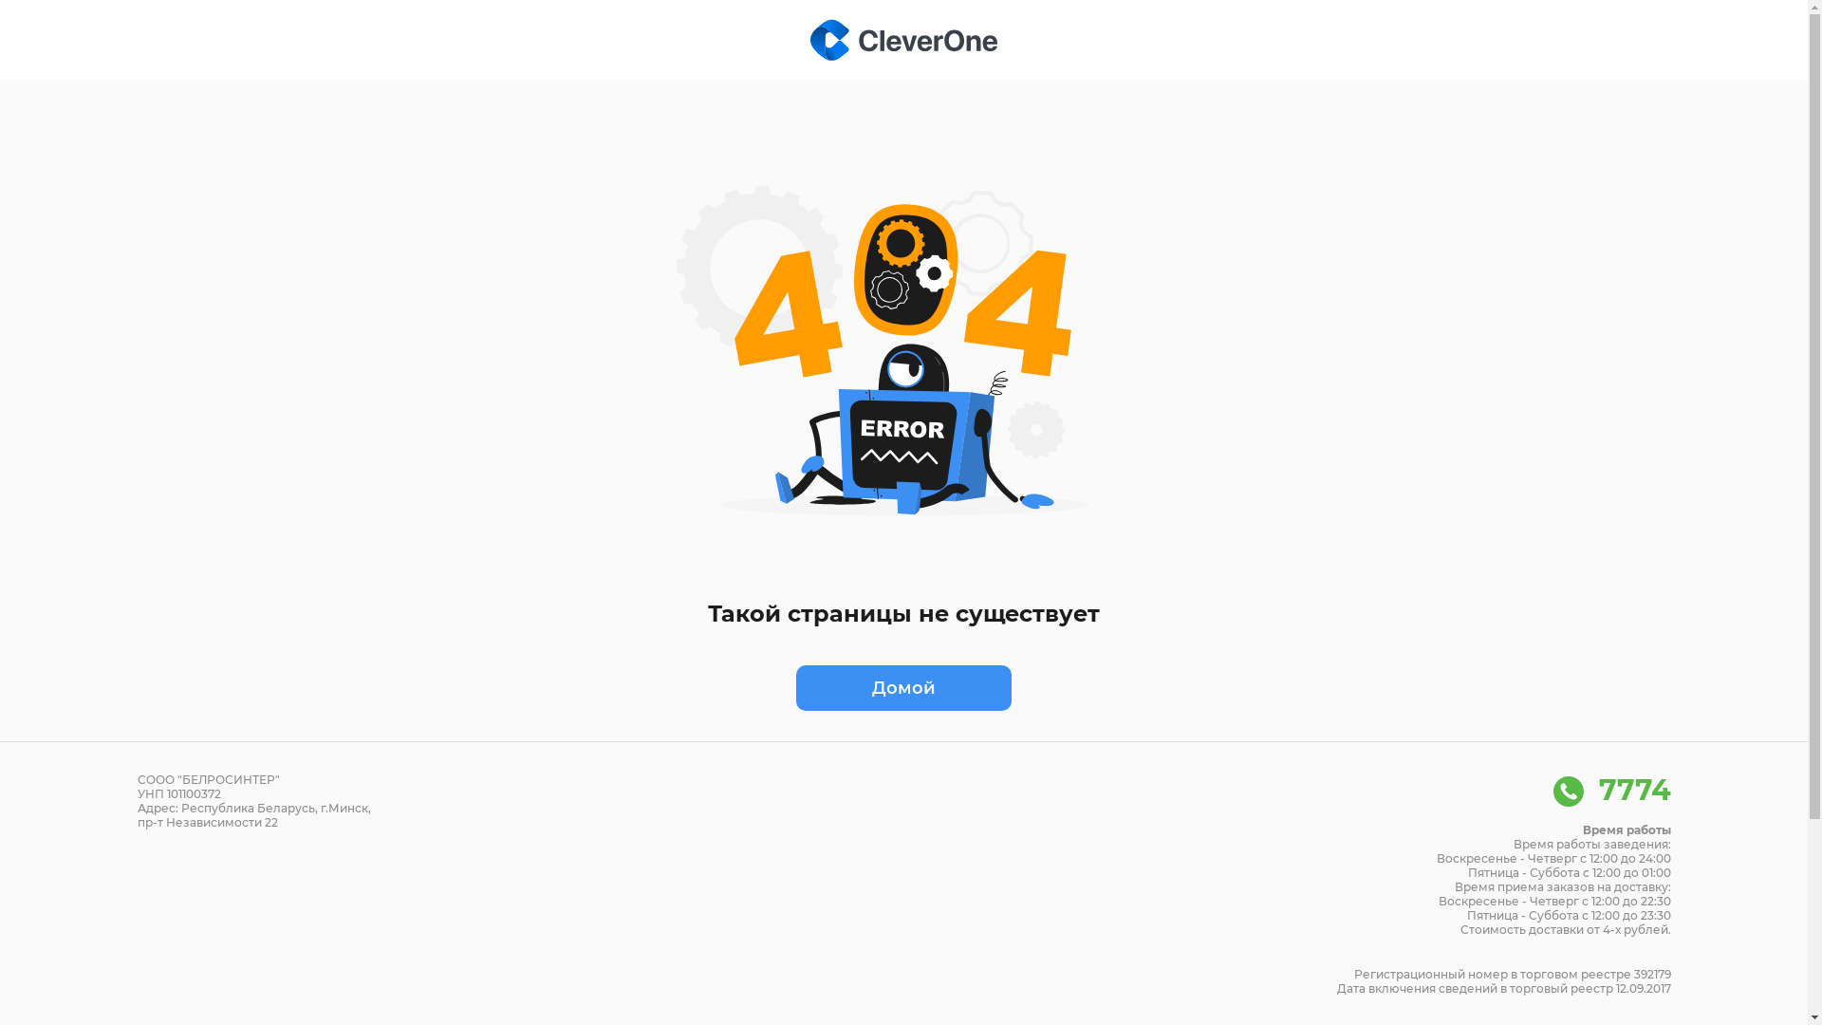  I want to click on '7774', so click(1610, 790).